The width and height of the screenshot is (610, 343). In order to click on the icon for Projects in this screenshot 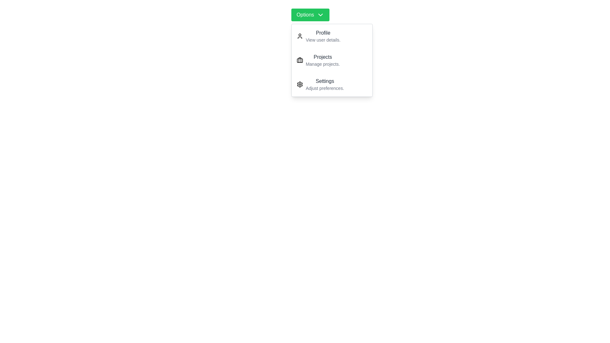, I will do `click(300, 60)`.